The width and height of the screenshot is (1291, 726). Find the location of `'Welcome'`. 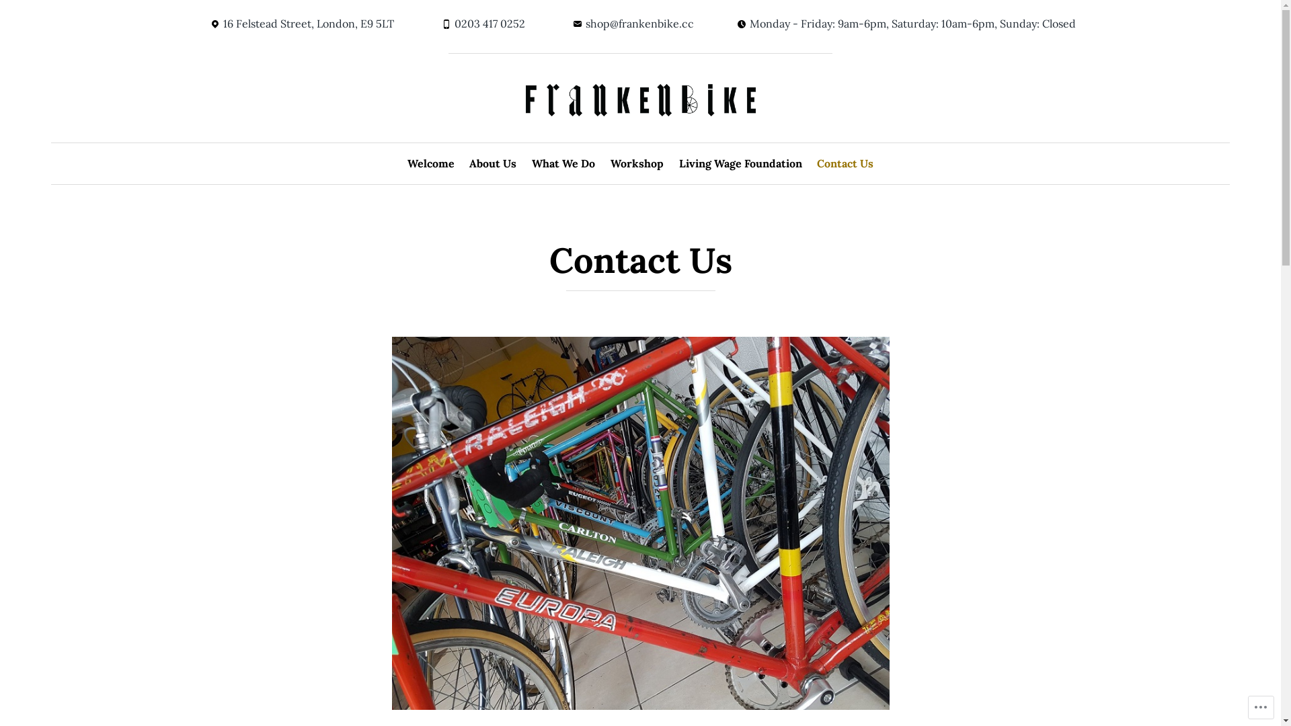

'Welcome' is located at coordinates (431, 163).